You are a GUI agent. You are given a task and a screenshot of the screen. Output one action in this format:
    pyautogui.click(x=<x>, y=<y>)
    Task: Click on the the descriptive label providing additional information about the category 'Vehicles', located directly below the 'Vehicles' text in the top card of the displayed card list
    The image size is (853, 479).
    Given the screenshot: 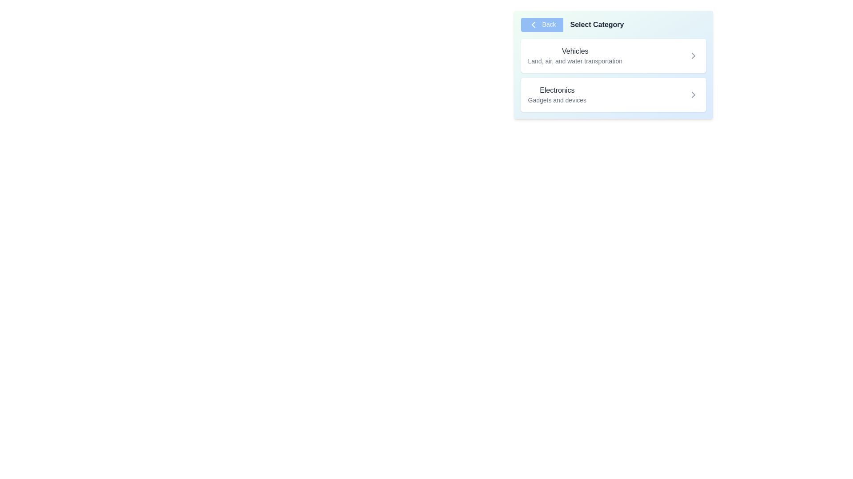 What is the action you would take?
    pyautogui.click(x=575, y=61)
    